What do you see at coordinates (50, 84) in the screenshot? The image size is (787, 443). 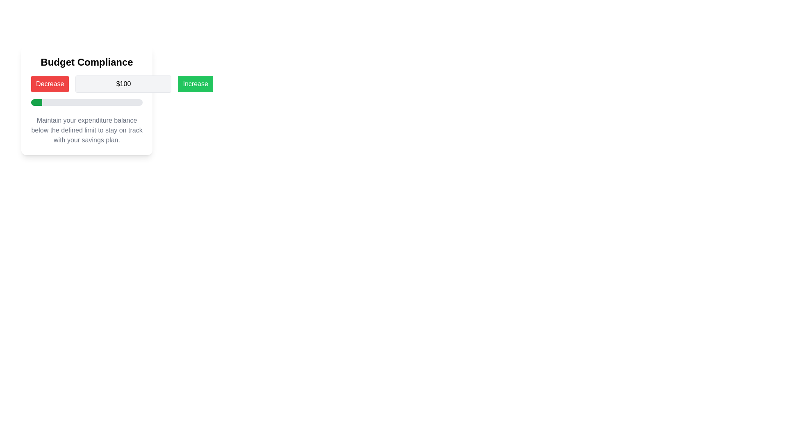 I see `the 'Decrease' button with a red background and white text` at bounding box center [50, 84].